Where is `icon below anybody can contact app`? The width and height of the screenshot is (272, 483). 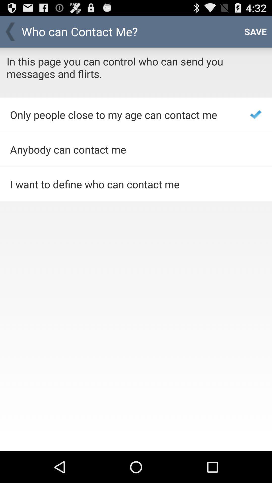 icon below anybody can contact app is located at coordinates (123, 184).